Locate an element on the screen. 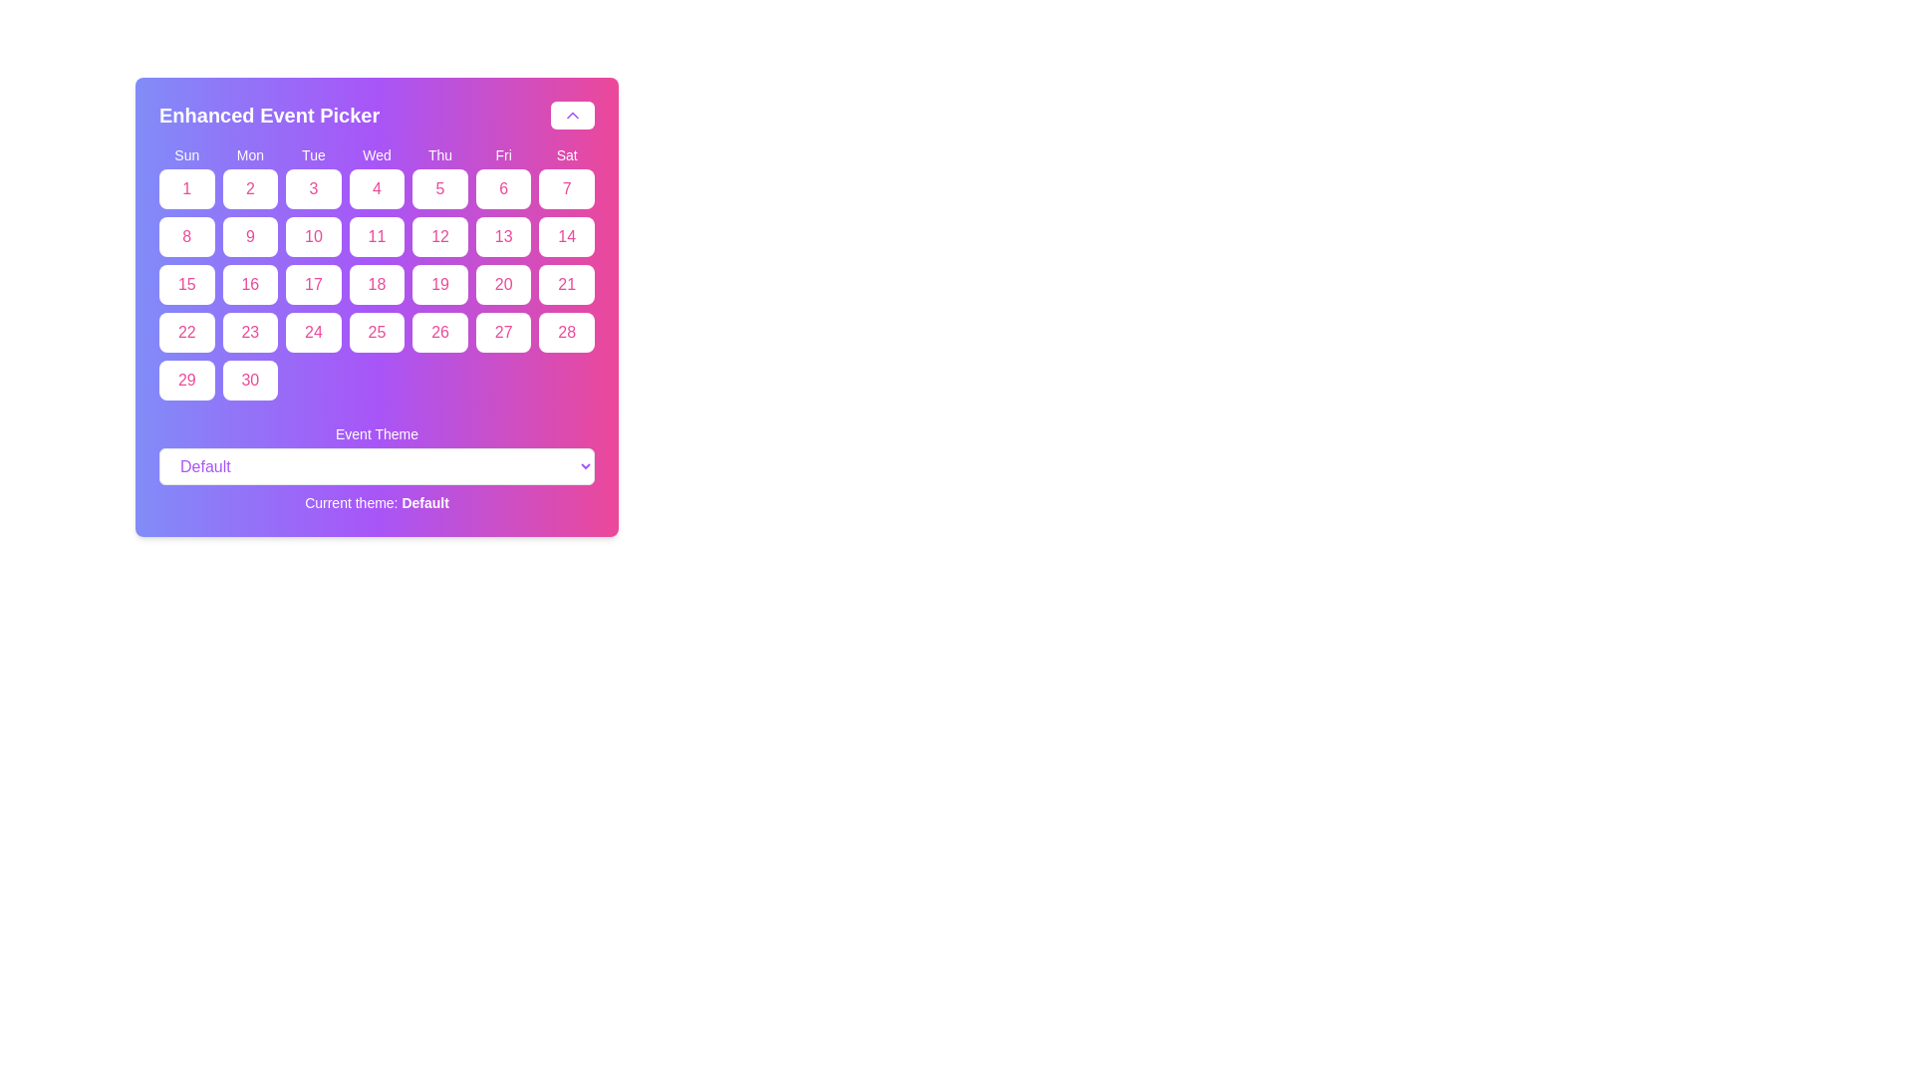 This screenshot has height=1076, width=1913. the first day cell of the calendar grid, which is located under the 'Sun' label is located at coordinates (186, 188).